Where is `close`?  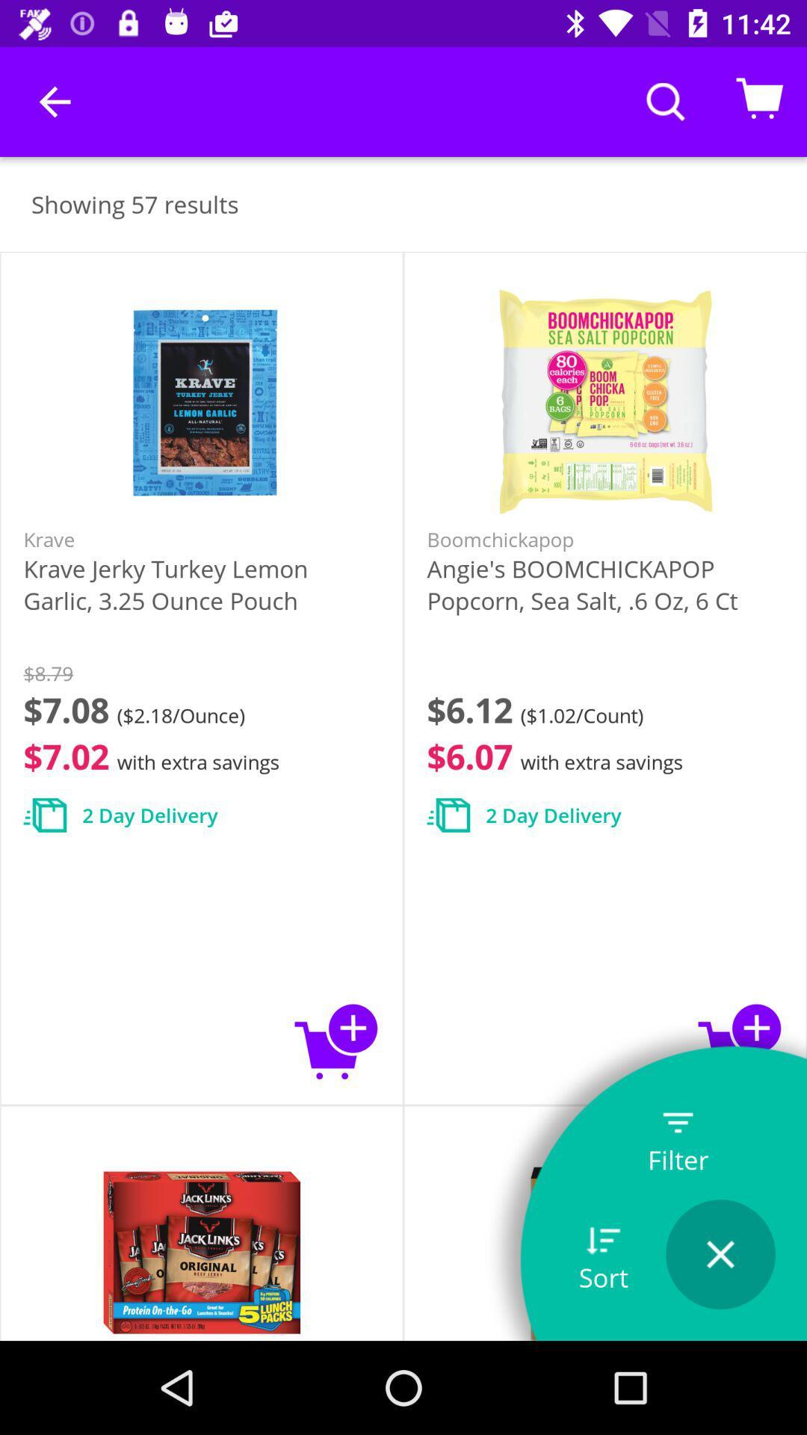
close is located at coordinates (720, 1254).